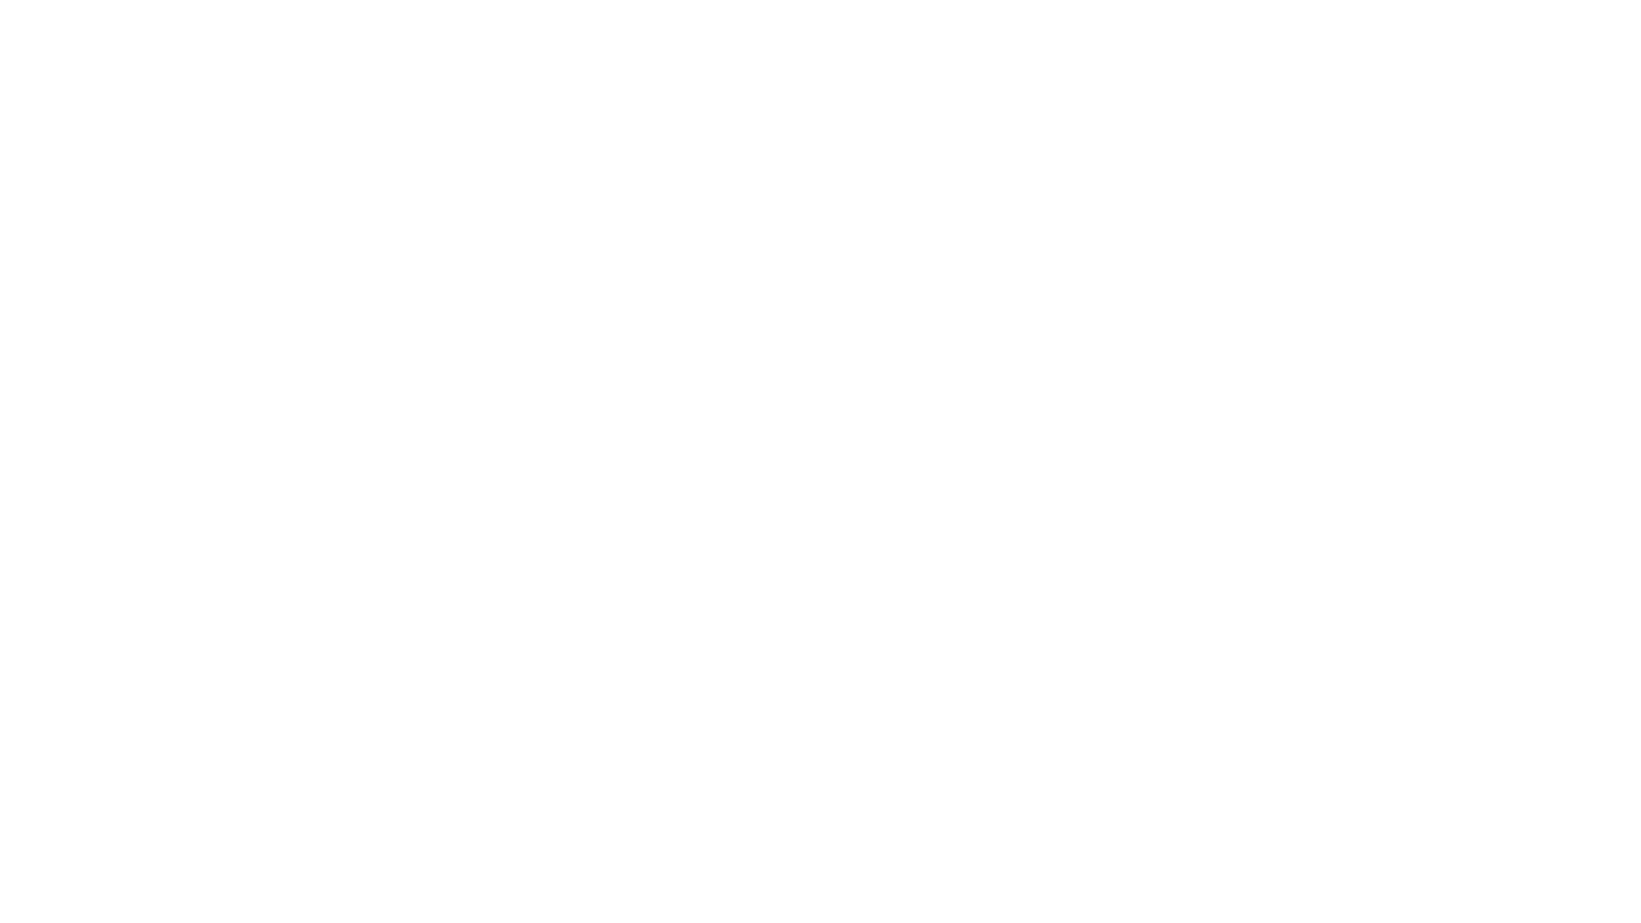 This screenshot has height=923, width=1641. Describe the element at coordinates (62, 871) in the screenshot. I see `Play` at that location.